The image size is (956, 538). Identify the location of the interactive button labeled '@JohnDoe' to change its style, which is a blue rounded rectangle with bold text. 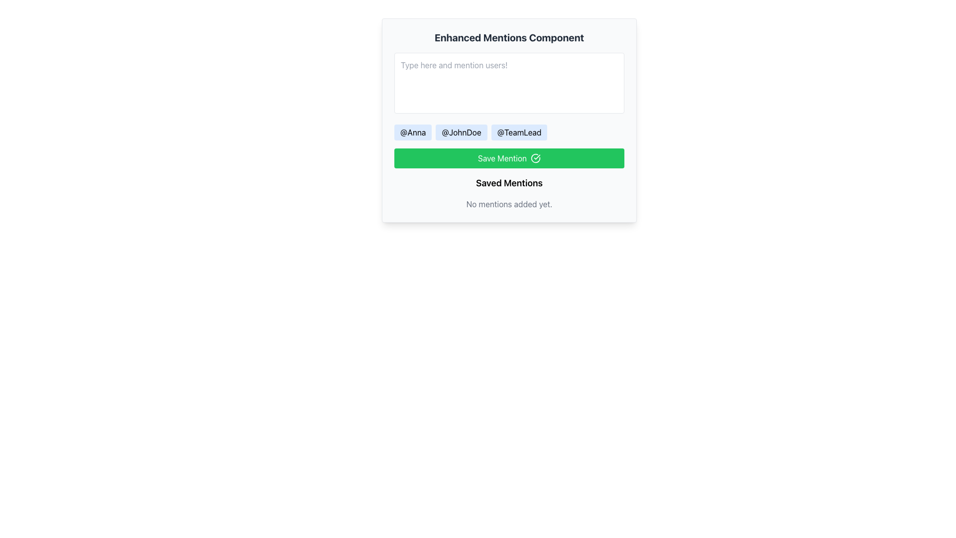
(461, 132).